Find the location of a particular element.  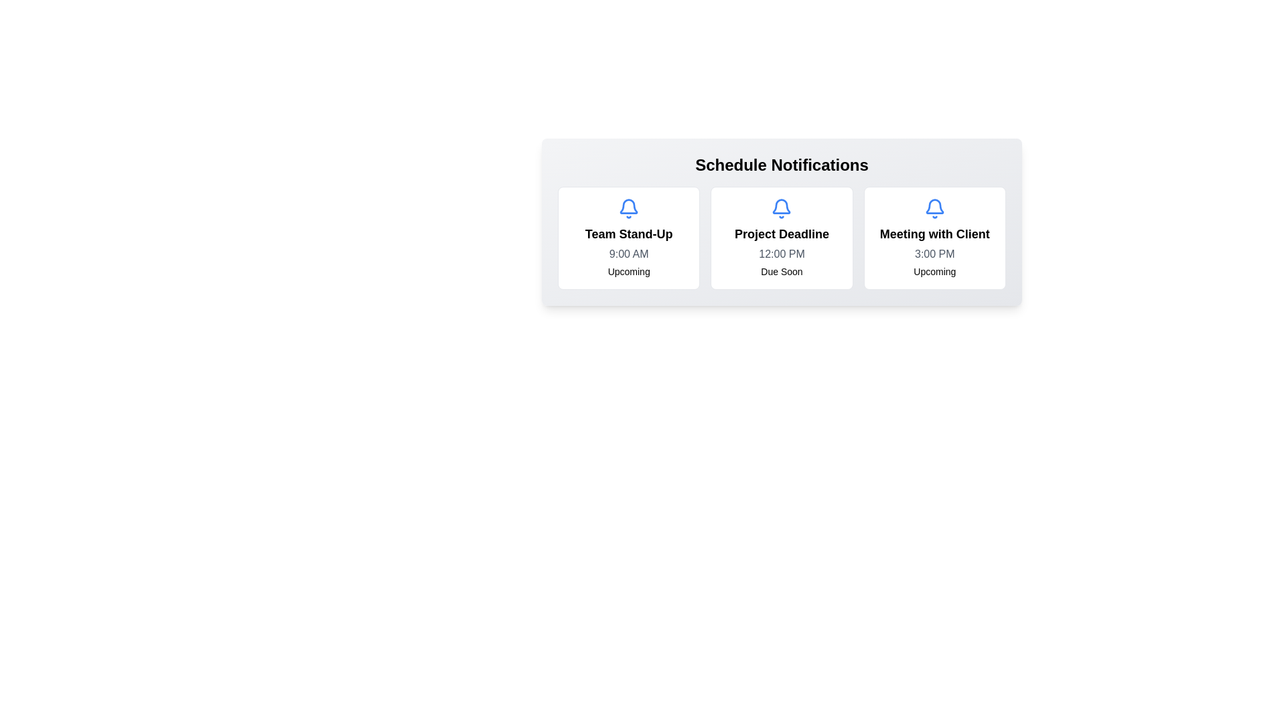

the text label displaying '3:00 PM' in a gray font, located below the title 'Meeting with Client' and above the status label 'Upcoming' within the third notification card of 'Schedule Notifications' is located at coordinates (934, 254).